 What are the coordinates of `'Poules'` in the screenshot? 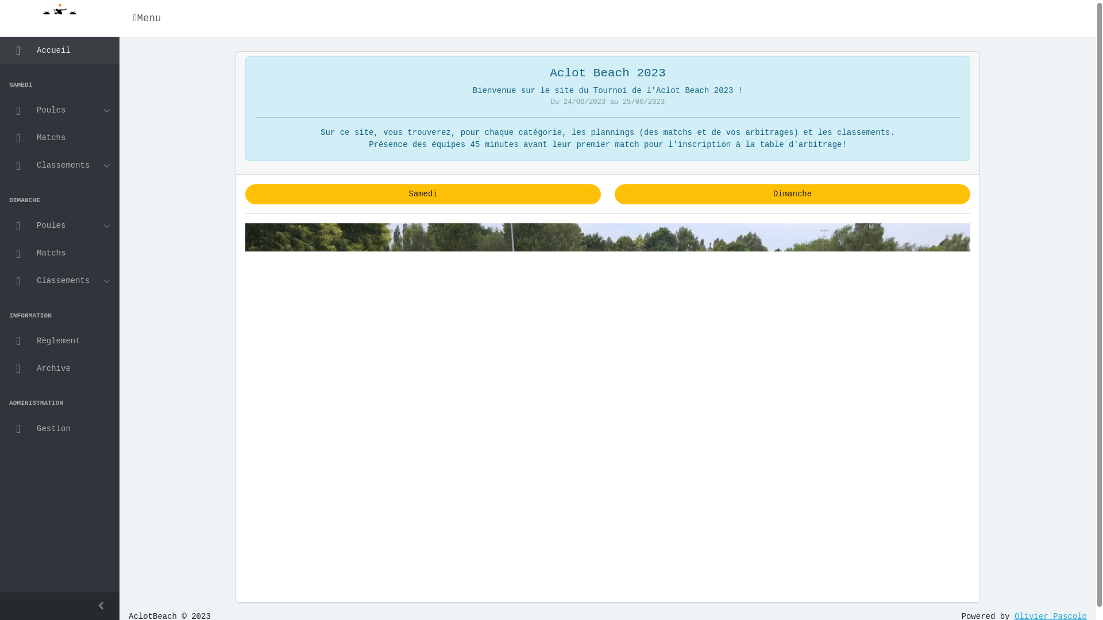 It's located at (59, 226).